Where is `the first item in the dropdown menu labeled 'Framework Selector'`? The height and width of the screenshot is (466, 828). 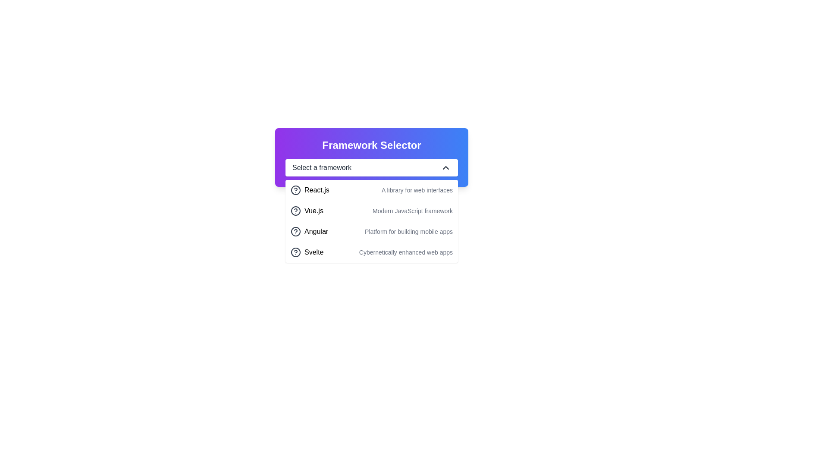 the first item in the dropdown menu labeled 'Framework Selector' is located at coordinates (372, 189).